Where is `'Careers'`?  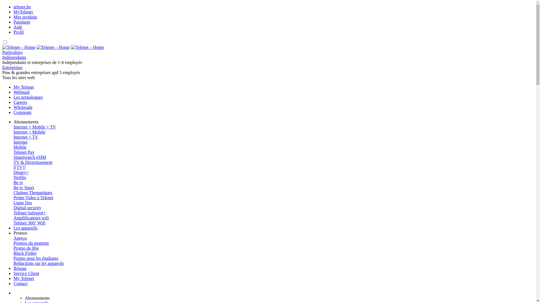 'Careers' is located at coordinates (13, 102).